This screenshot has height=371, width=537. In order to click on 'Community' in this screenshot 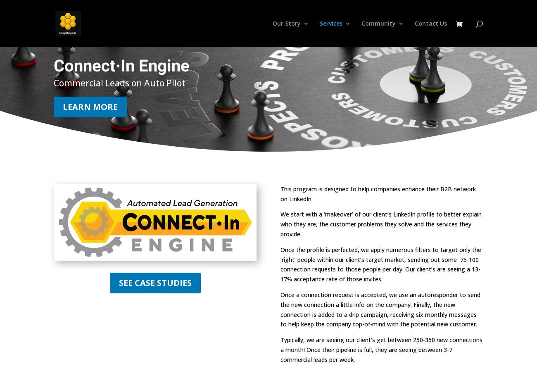, I will do `click(378, 23)`.